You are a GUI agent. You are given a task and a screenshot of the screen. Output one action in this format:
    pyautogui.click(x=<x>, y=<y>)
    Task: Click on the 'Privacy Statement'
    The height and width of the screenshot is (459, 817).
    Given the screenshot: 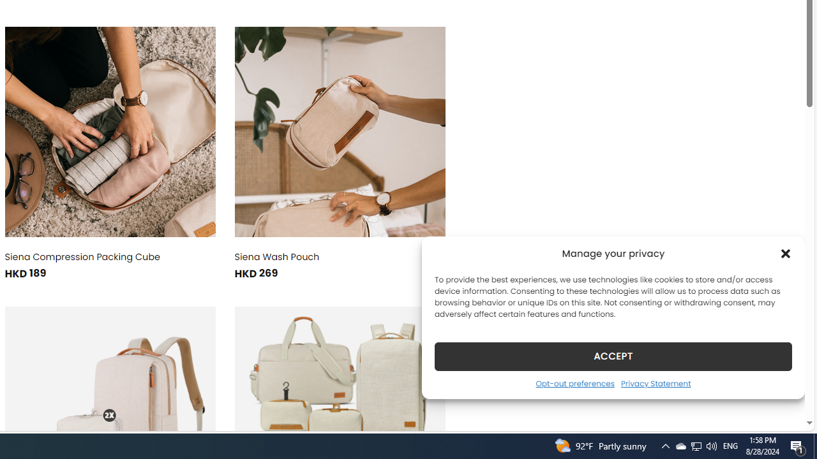 What is the action you would take?
    pyautogui.click(x=656, y=382)
    